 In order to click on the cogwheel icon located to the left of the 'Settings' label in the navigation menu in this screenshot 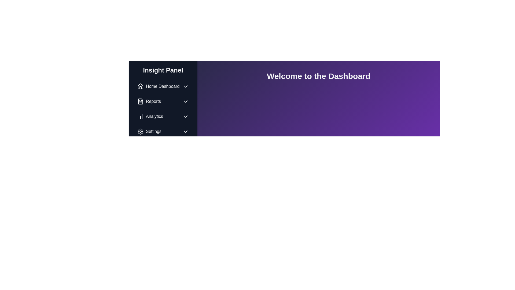, I will do `click(140, 131)`.